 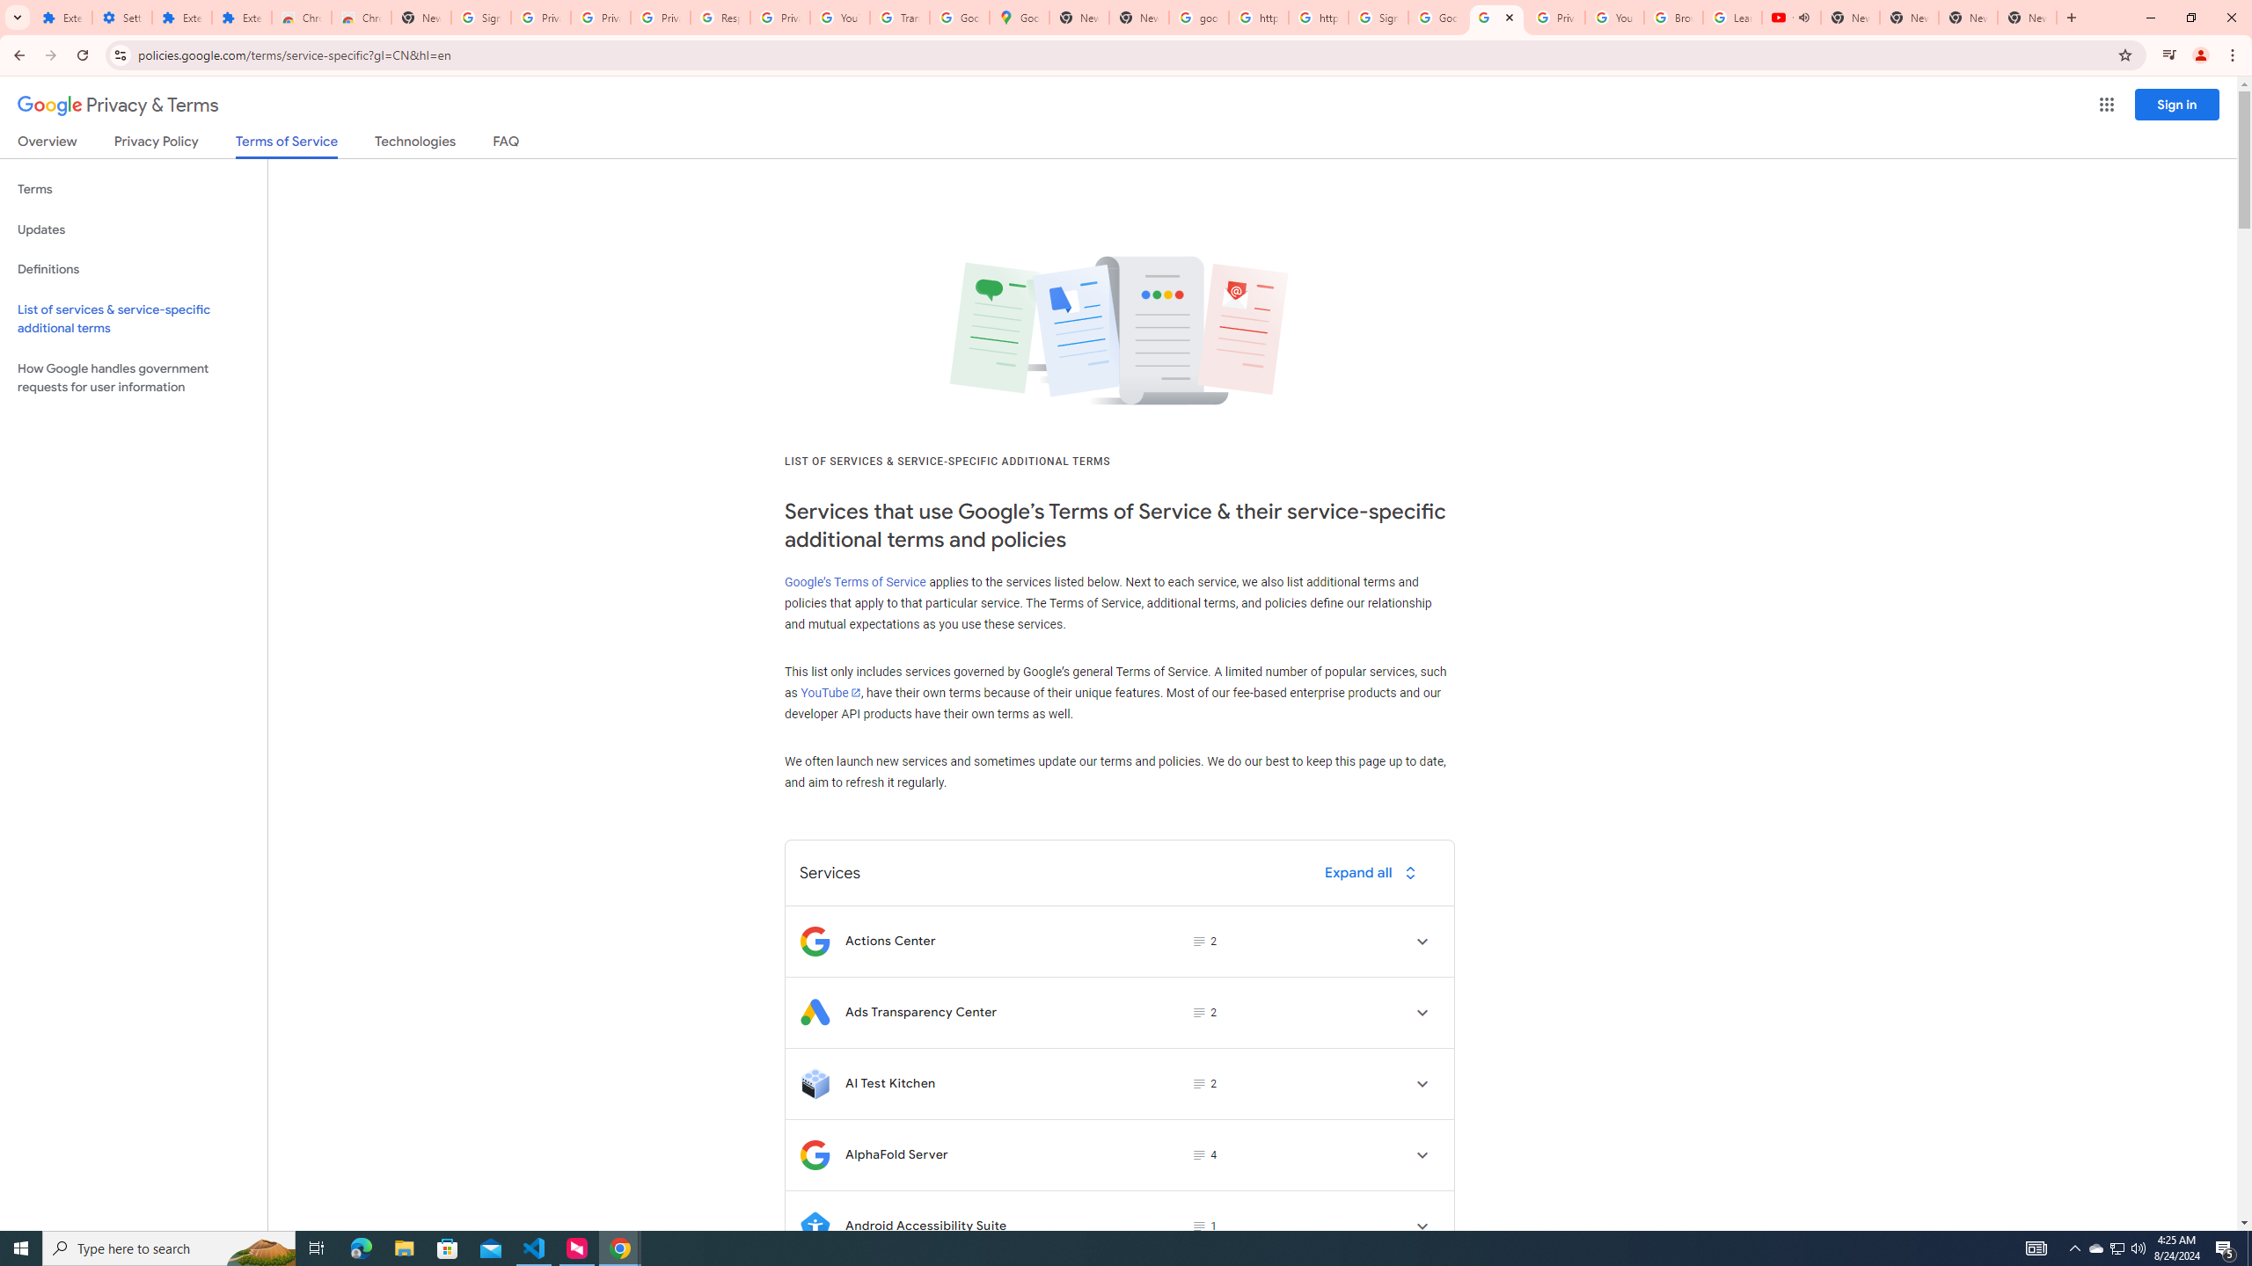 What do you see at coordinates (62, 17) in the screenshot?
I see `'Extensions'` at bounding box center [62, 17].